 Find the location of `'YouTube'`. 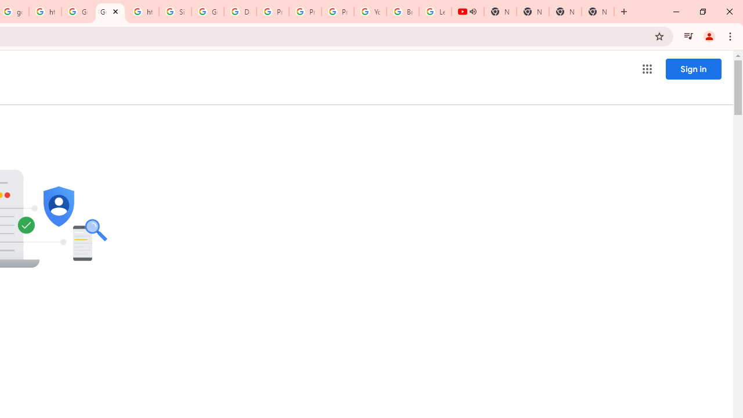

'YouTube' is located at coordinates (370, 12).